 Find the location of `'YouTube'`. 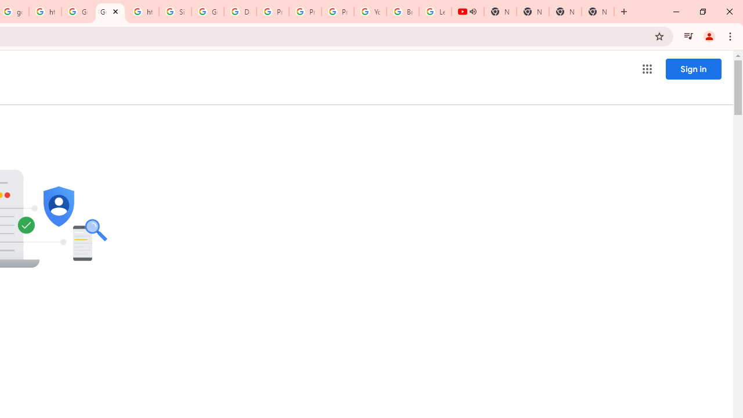

'YouTube' is located at coordinates (370, 12).